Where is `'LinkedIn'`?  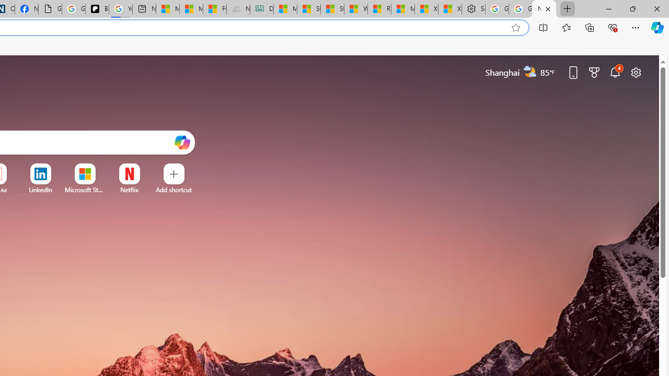 'LinkedIn' is located at coordinates (40, 190).